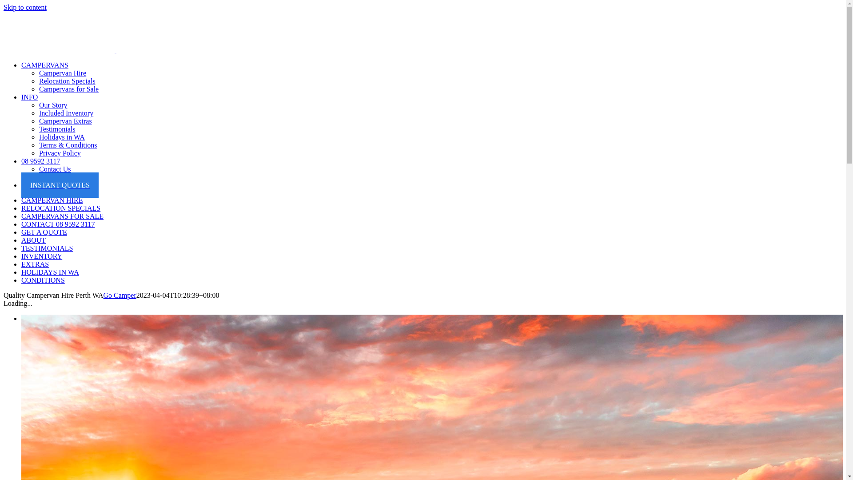 The width and height of the screenshot is (853, 480). I want to click on 'Campervans for Sale', so click(68, 89).